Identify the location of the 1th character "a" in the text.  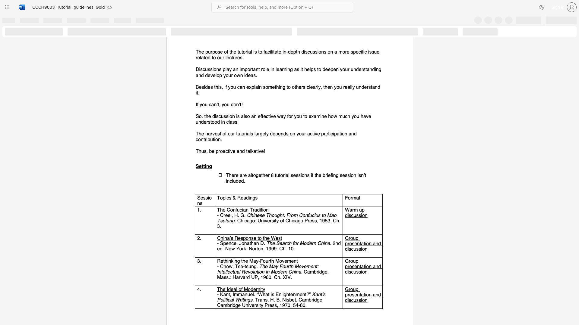
(362, 243).